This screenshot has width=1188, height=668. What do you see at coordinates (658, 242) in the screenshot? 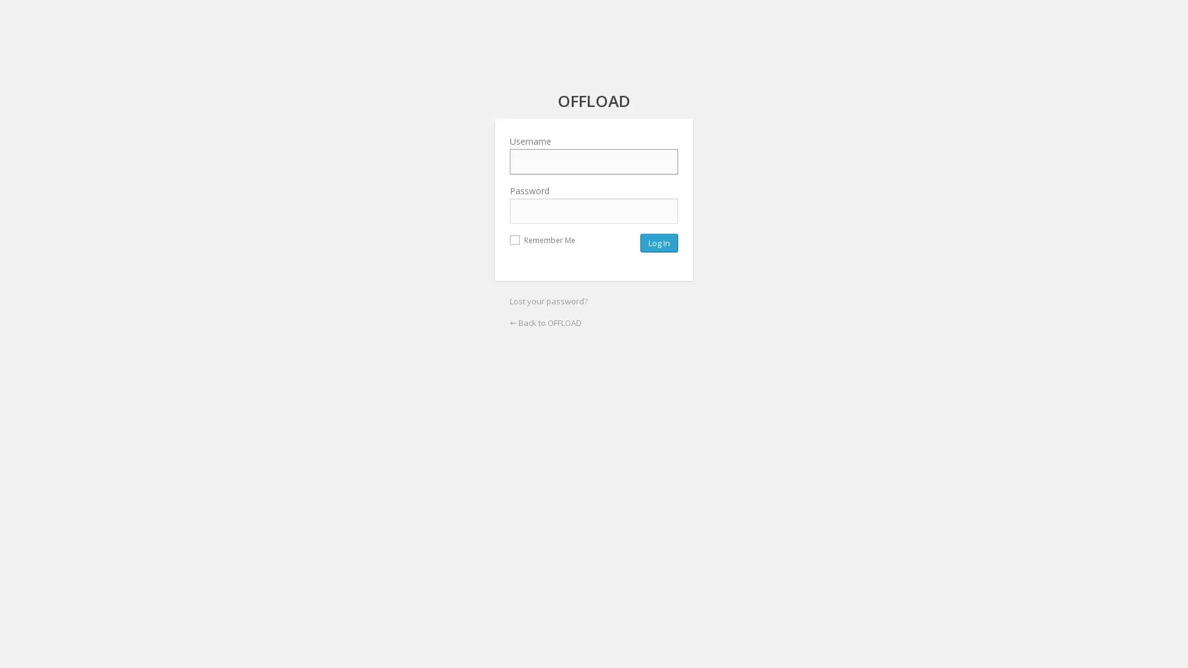
I see `Log In` at bounding box center [658, 242].